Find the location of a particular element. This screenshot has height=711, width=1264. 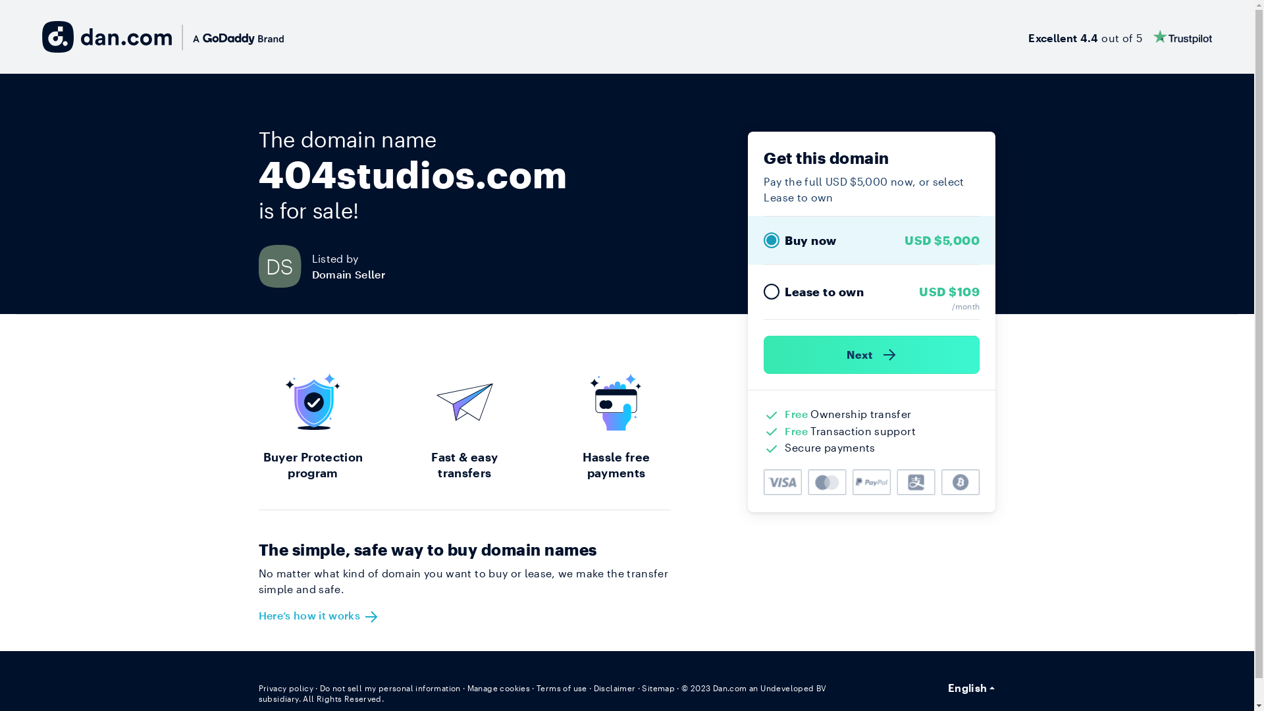

'English' is located at coordinates (947, 687).